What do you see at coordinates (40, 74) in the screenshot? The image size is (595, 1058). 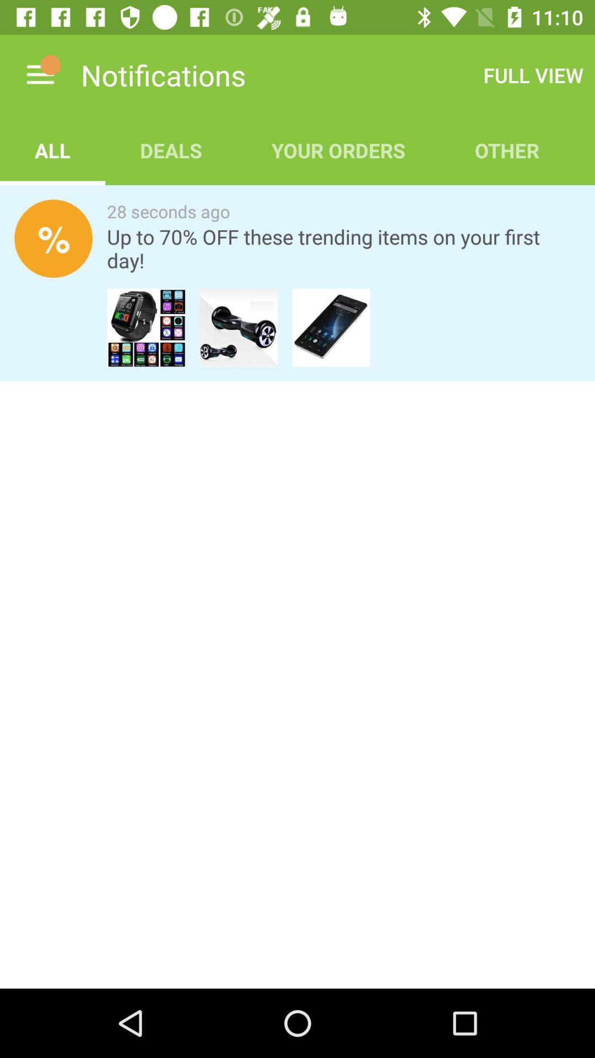 I see `icon next to notifications item` at bounding box center [40, 74].